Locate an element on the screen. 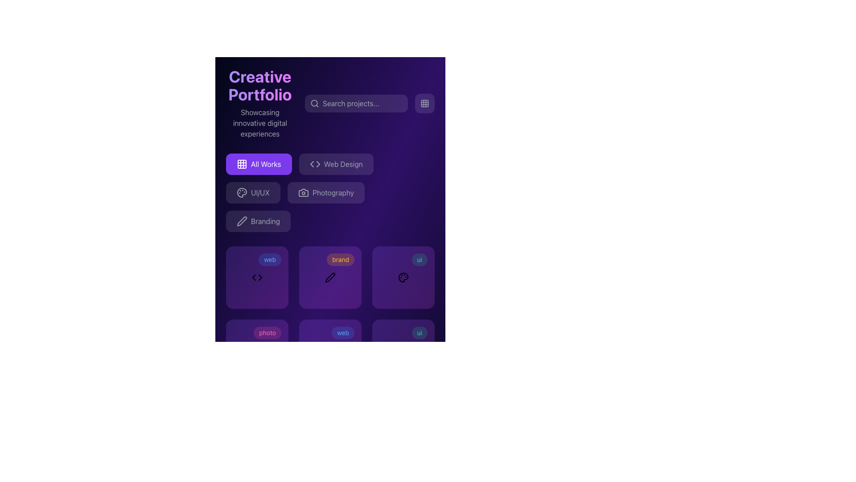 The width and height of the screenshot is (856, 482). the artist's palette icon, which is the centerpiece of the card labeled 'ui' in the bottom right quadrant of the grid layout is located at coordinates (403, 277).